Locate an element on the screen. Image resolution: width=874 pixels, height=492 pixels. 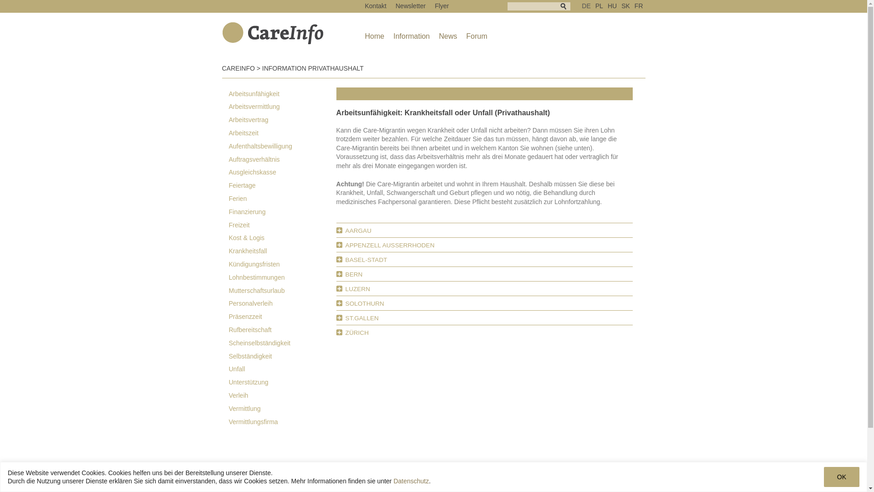
'Kontakt' is located at coordinates (376, 5).